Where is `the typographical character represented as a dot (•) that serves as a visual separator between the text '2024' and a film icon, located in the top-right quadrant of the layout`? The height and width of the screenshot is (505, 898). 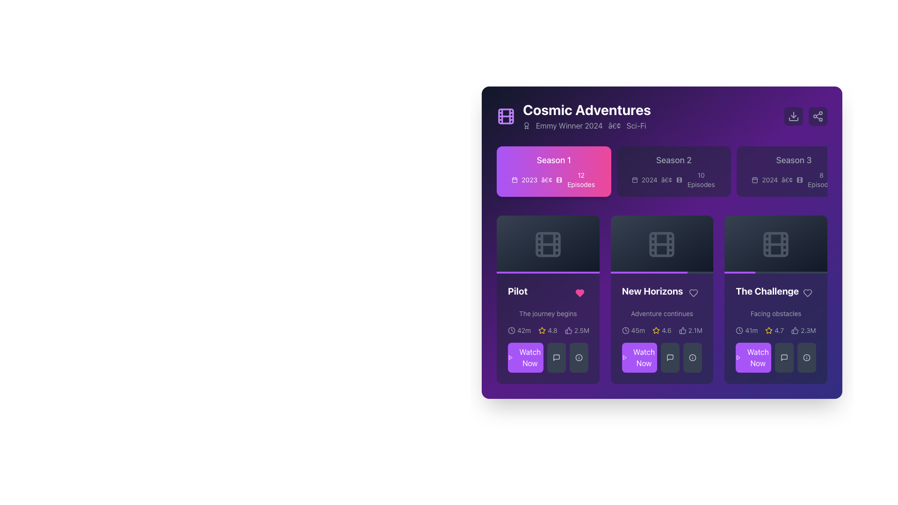 the typographical character represented as a dot (•) that serves as a visual separator between the text '2024' and a film icon, located in the top-right quadrant of the layout is located at coordinates (787, 180).